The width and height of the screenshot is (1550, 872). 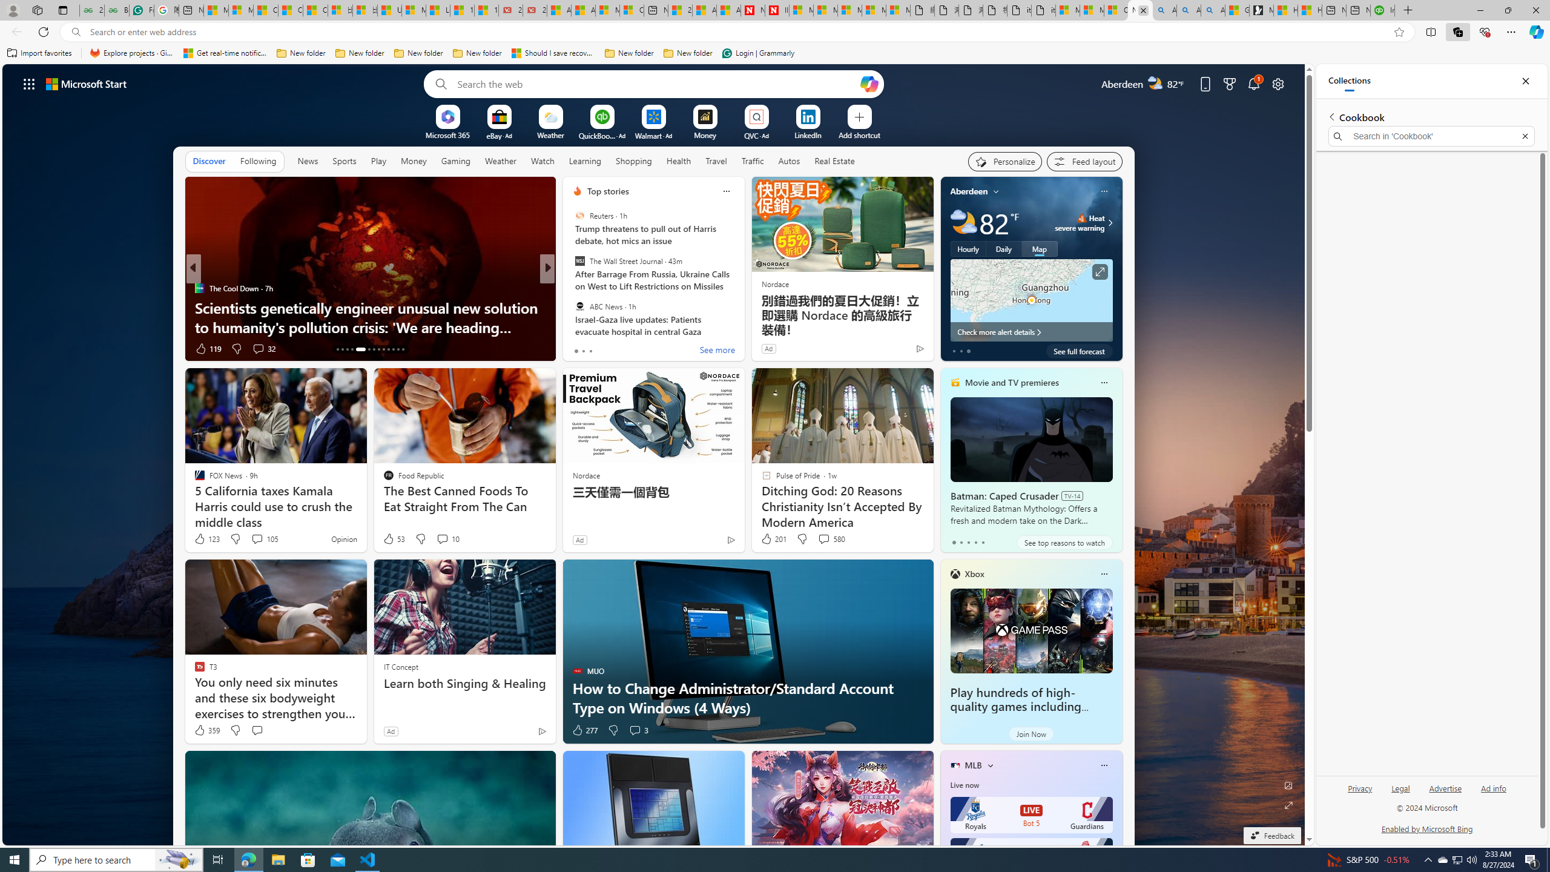 What do you see at coordinates (392, 349) in the screenshot?
I see `'AutomationID: tab-23'` at bounding box center [392, 349].